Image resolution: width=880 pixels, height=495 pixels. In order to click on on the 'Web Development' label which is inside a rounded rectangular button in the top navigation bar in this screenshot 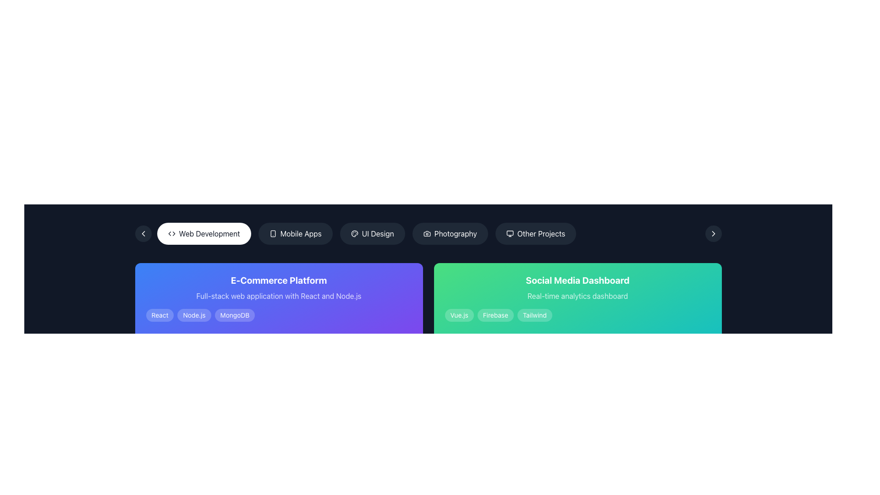, I will do `click(209, 233)`.